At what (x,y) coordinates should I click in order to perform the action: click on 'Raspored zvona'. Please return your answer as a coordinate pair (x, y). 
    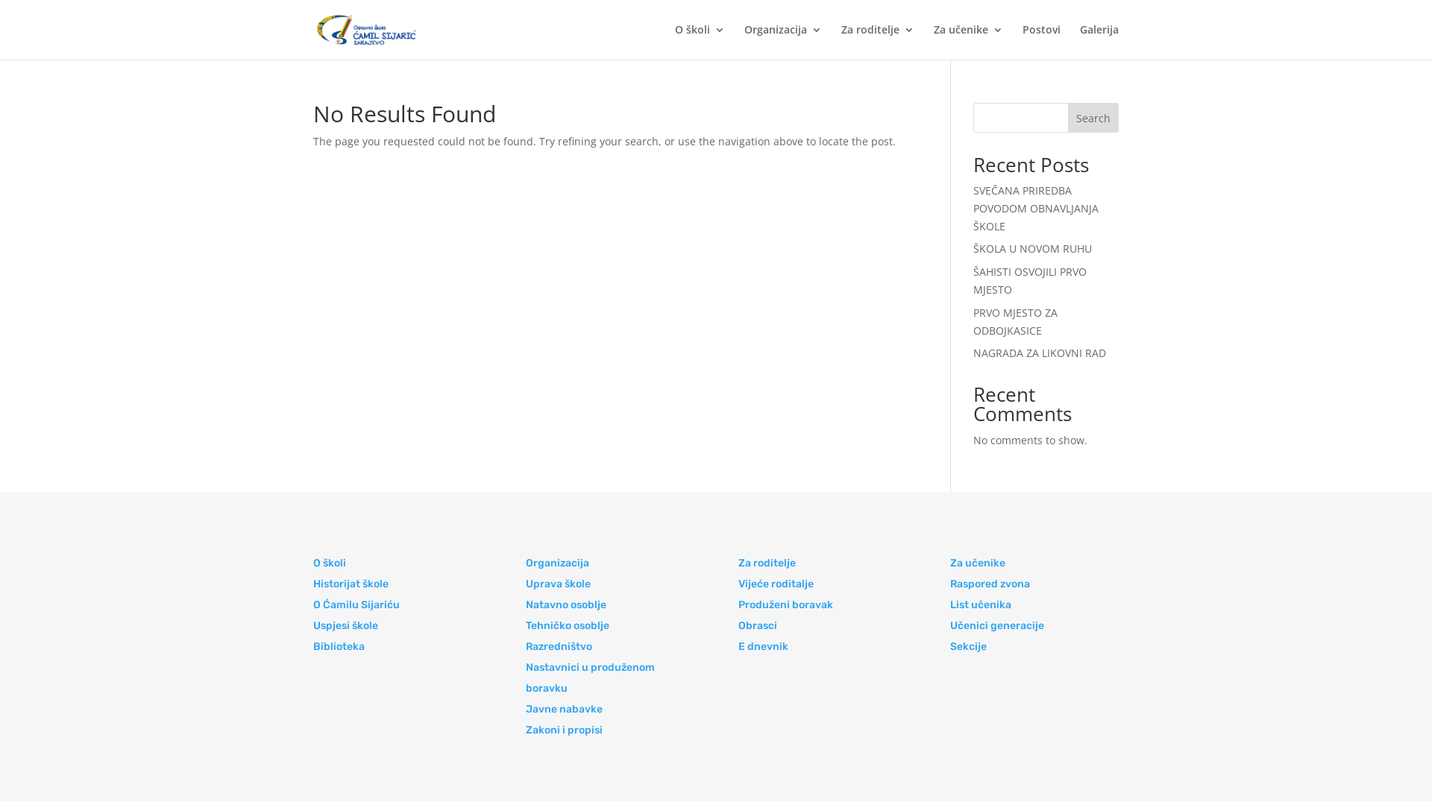
    Looking at the image, I should click on (990, 583).